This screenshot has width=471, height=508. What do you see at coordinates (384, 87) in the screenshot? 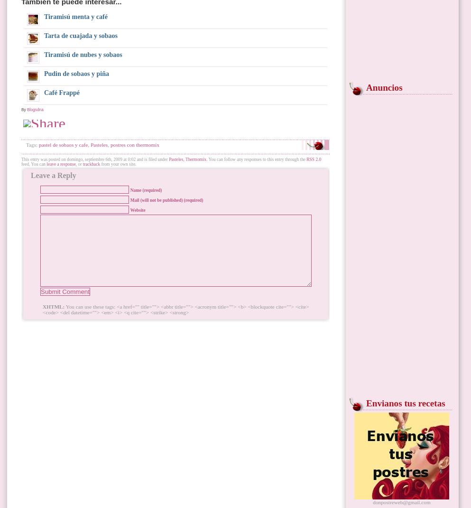
I see `'Anuncios'` at bounding box center [384, 87].